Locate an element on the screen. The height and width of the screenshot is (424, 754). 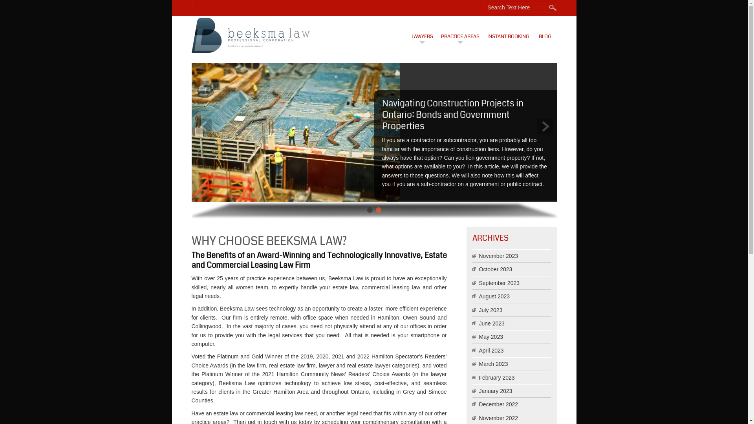
'August 2023' is located at coordinates (494, 296).